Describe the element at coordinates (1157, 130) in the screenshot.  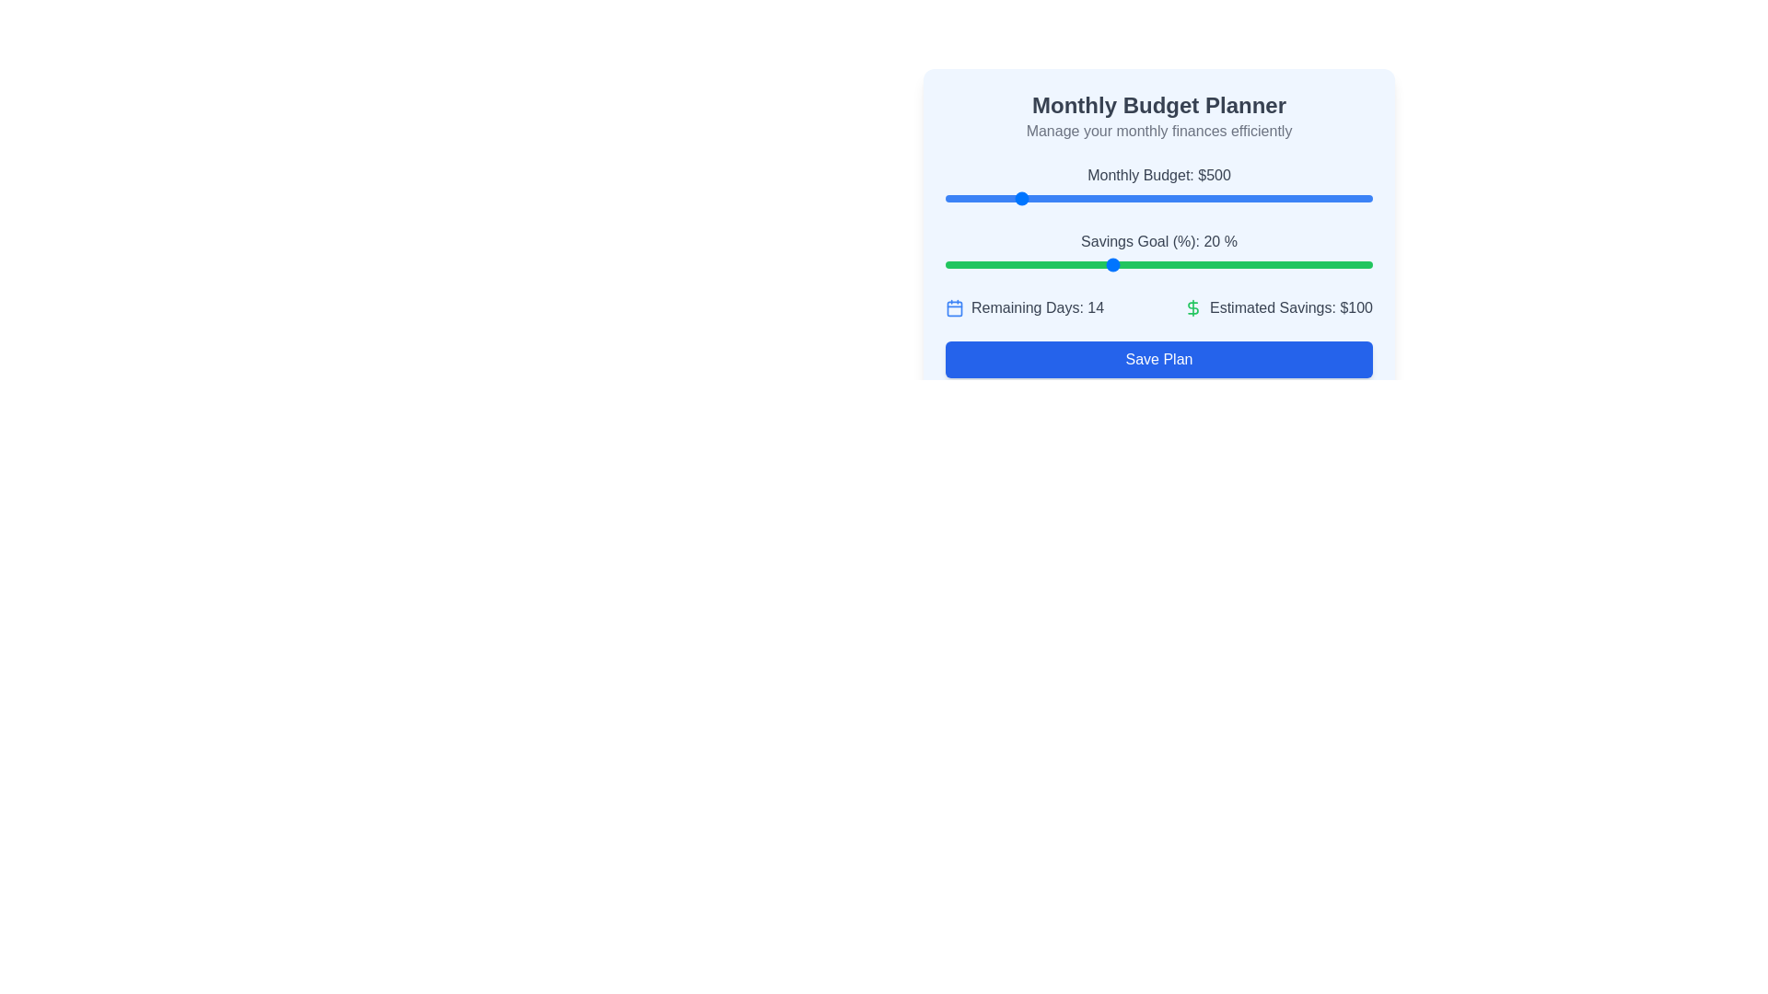
I see `the static text providing context for the 'Monthly Budget Planner' section, which is located beneath the section heading` at that location.